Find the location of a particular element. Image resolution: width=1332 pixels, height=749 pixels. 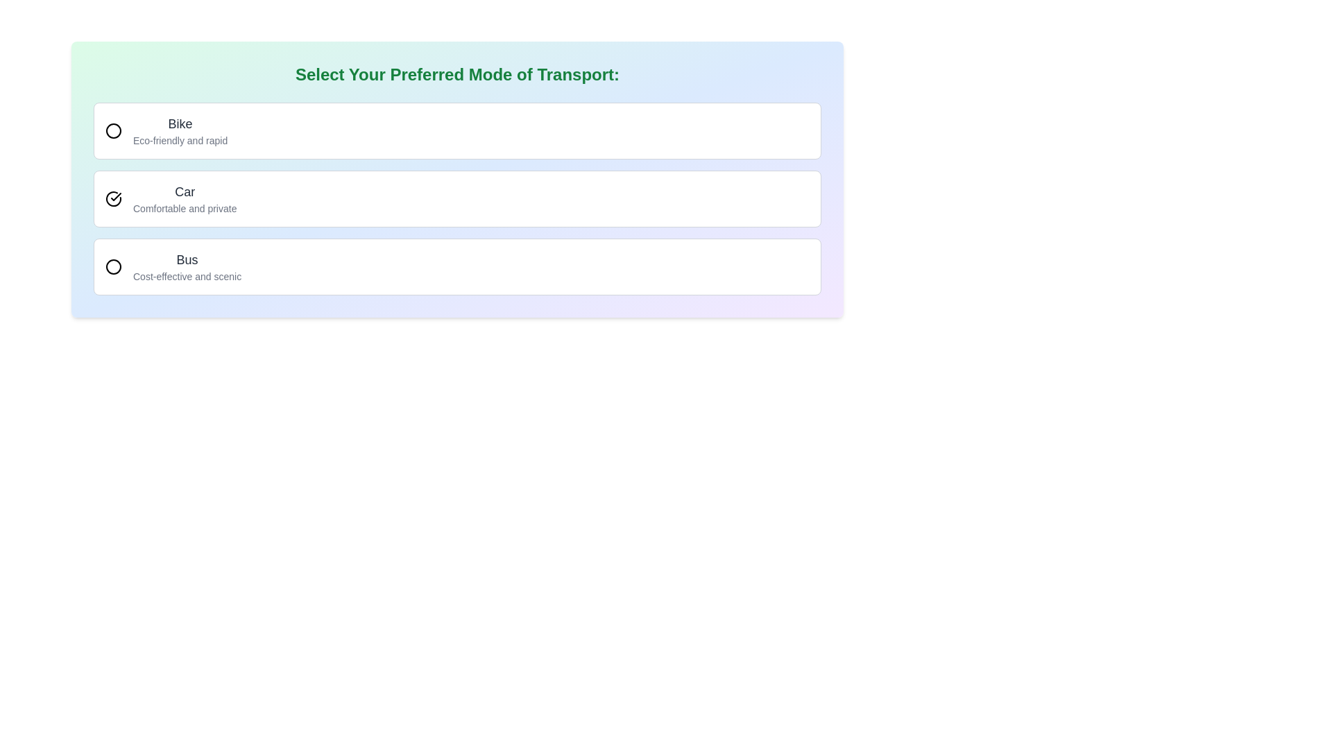

descriptive label for the 'Bus' option in the transportation selection menu, which is the first text descriptor for the third option in a vertical list is located at coordinates (187, 267).